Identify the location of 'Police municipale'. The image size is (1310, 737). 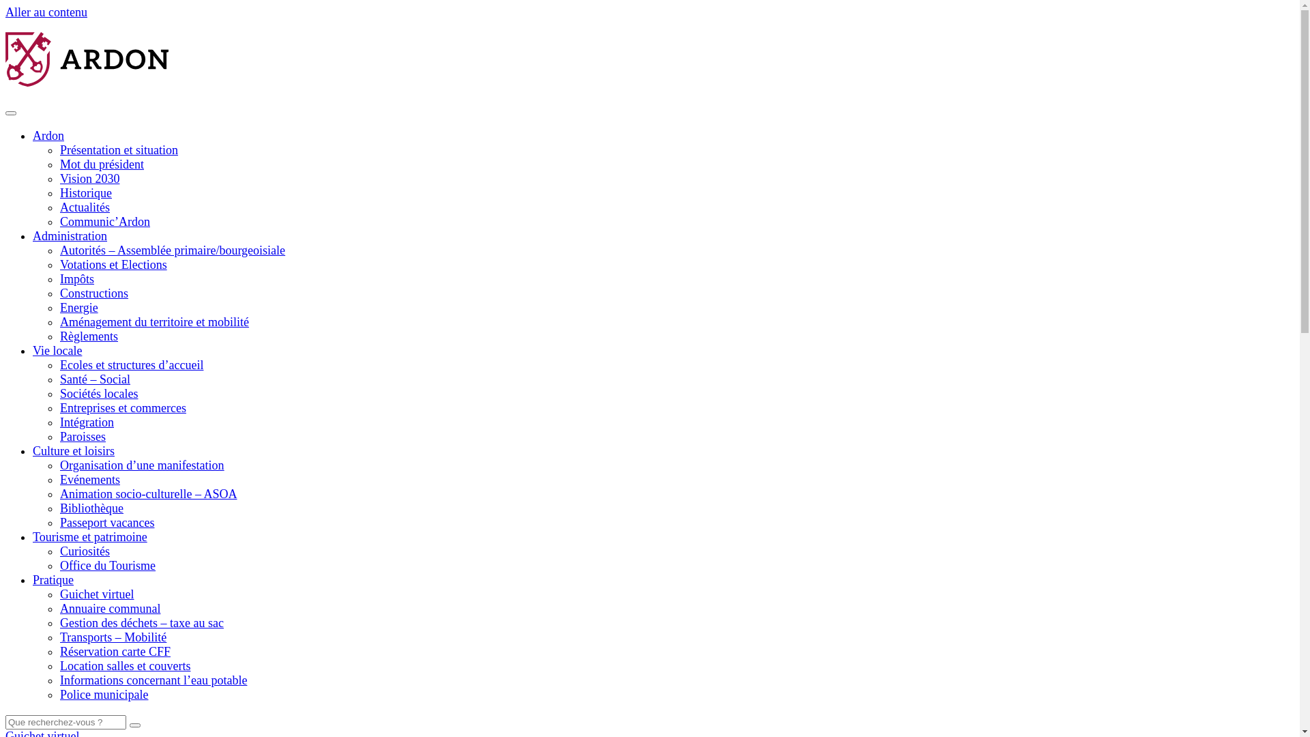
(103, 695).